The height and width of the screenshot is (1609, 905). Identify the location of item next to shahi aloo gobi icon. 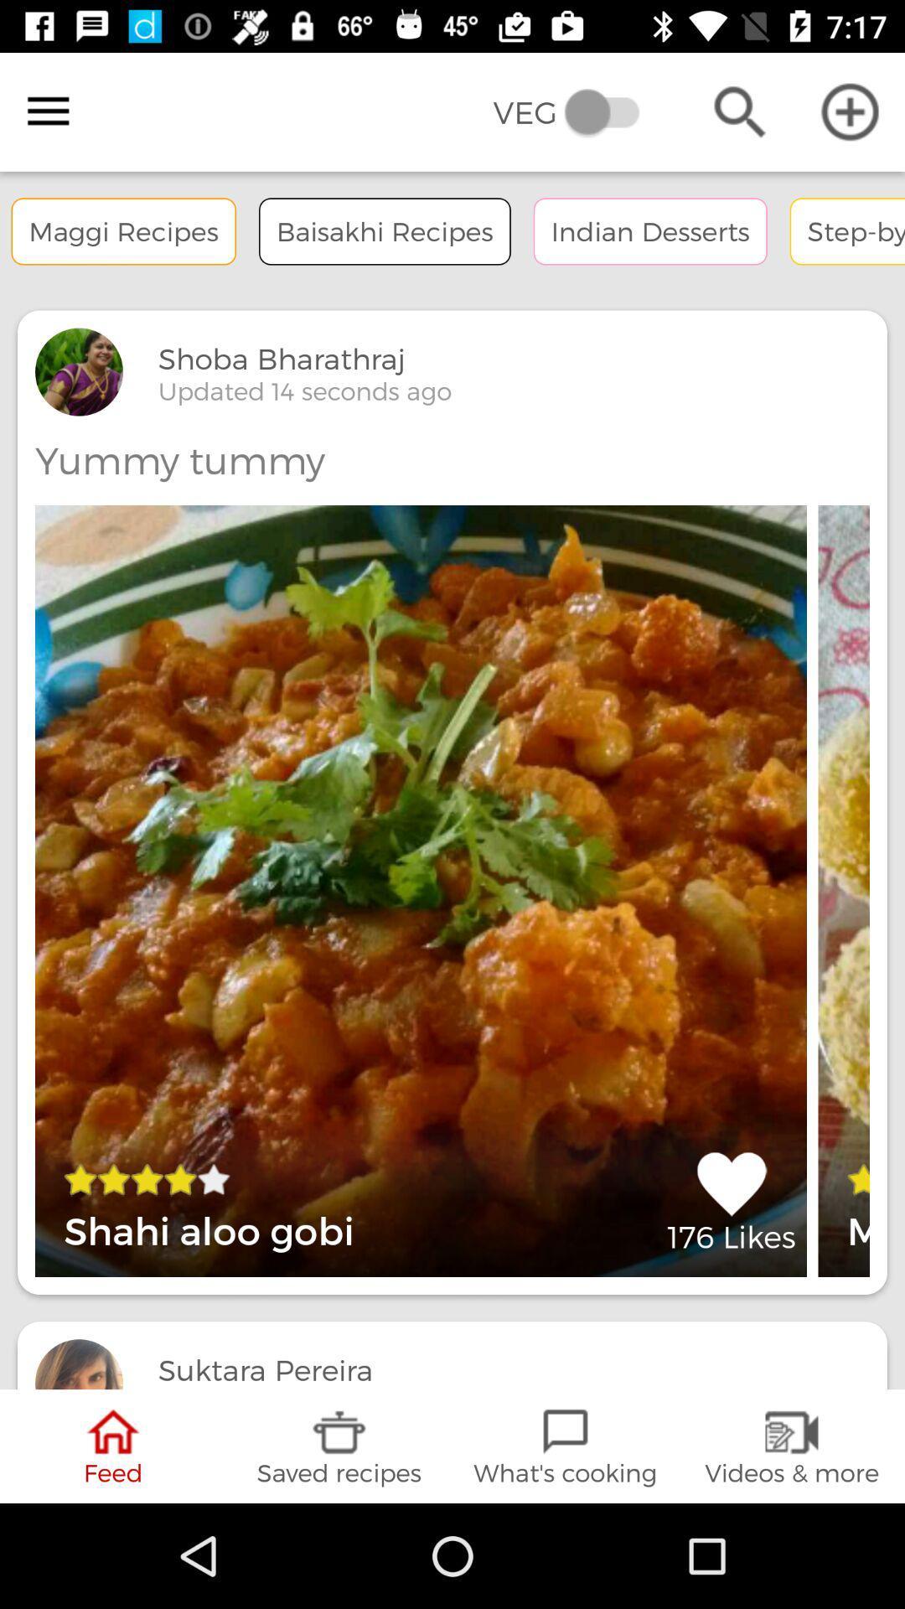
(730, 1201).